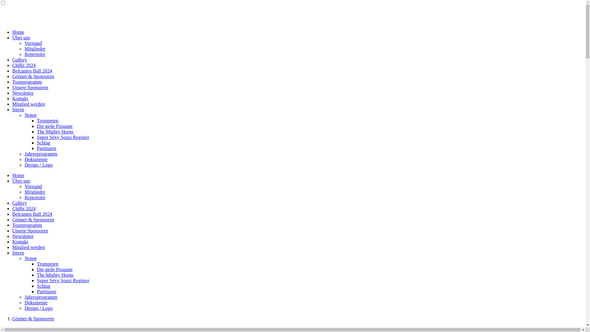  Describe the element at coordinates (23, 236) in the screenshot. I see `'Newsletter'` at that location.